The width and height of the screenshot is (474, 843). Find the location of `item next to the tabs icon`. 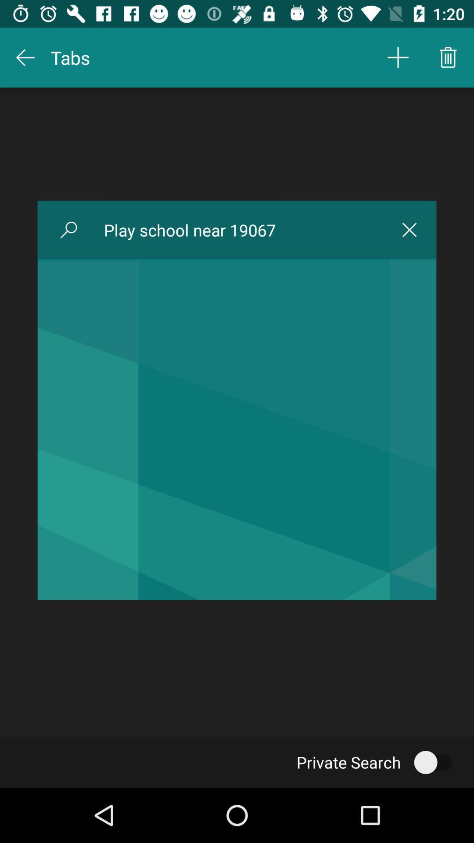

item next to the tabs icon is located at coordinates (398, 57).